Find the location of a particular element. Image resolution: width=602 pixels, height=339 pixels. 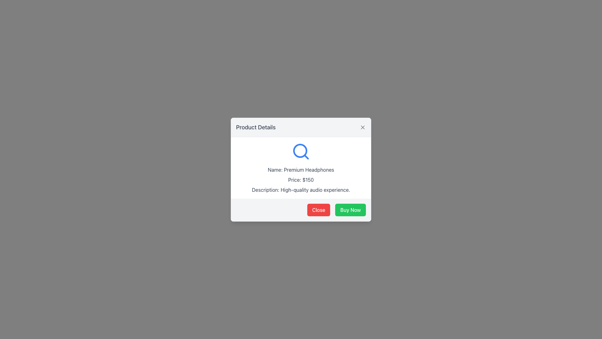

the small cross icon located in the top-right corner of the 'Product Details' modal window is located at coordinates (362, 127).